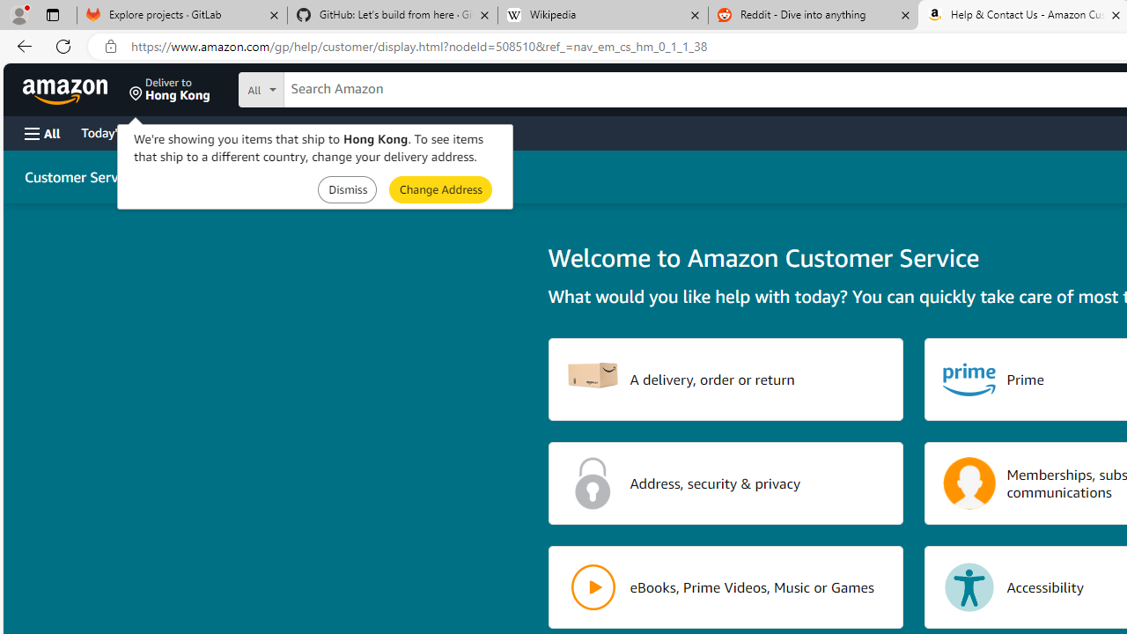 The width and height of the screenshot is (1127, 634). I want to click on 'Deliver to Hong Kong', so click(170, 89).